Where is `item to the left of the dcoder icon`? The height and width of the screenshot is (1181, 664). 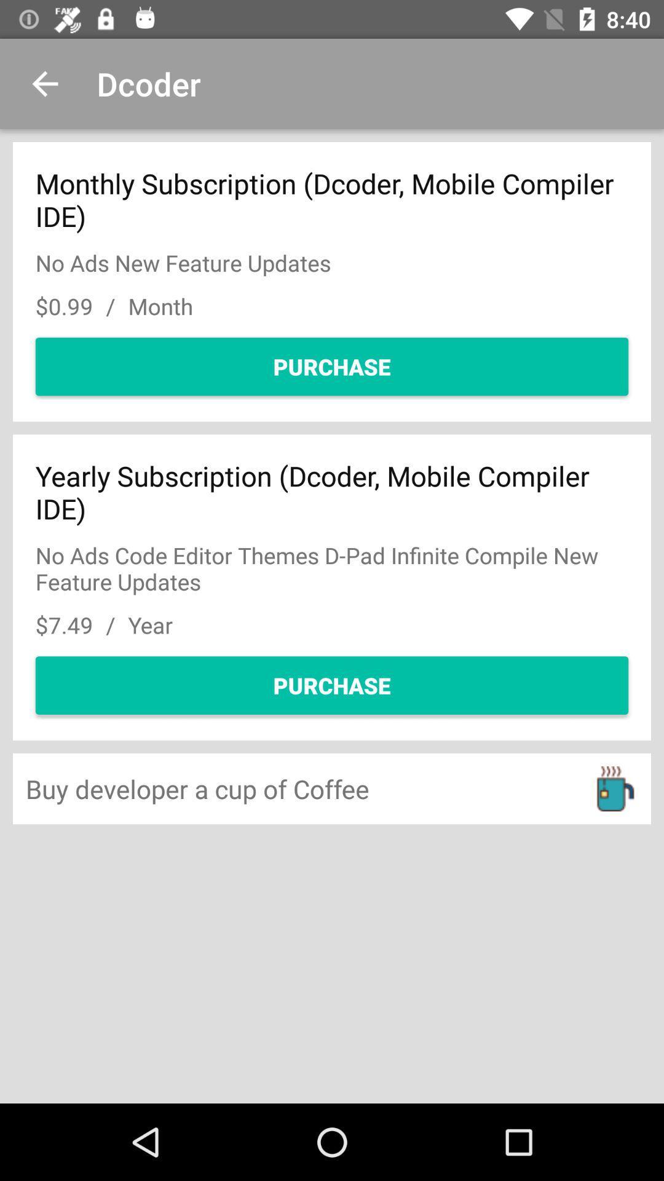
item to the left of the dcoder icon is located at coordinates (44, 83).